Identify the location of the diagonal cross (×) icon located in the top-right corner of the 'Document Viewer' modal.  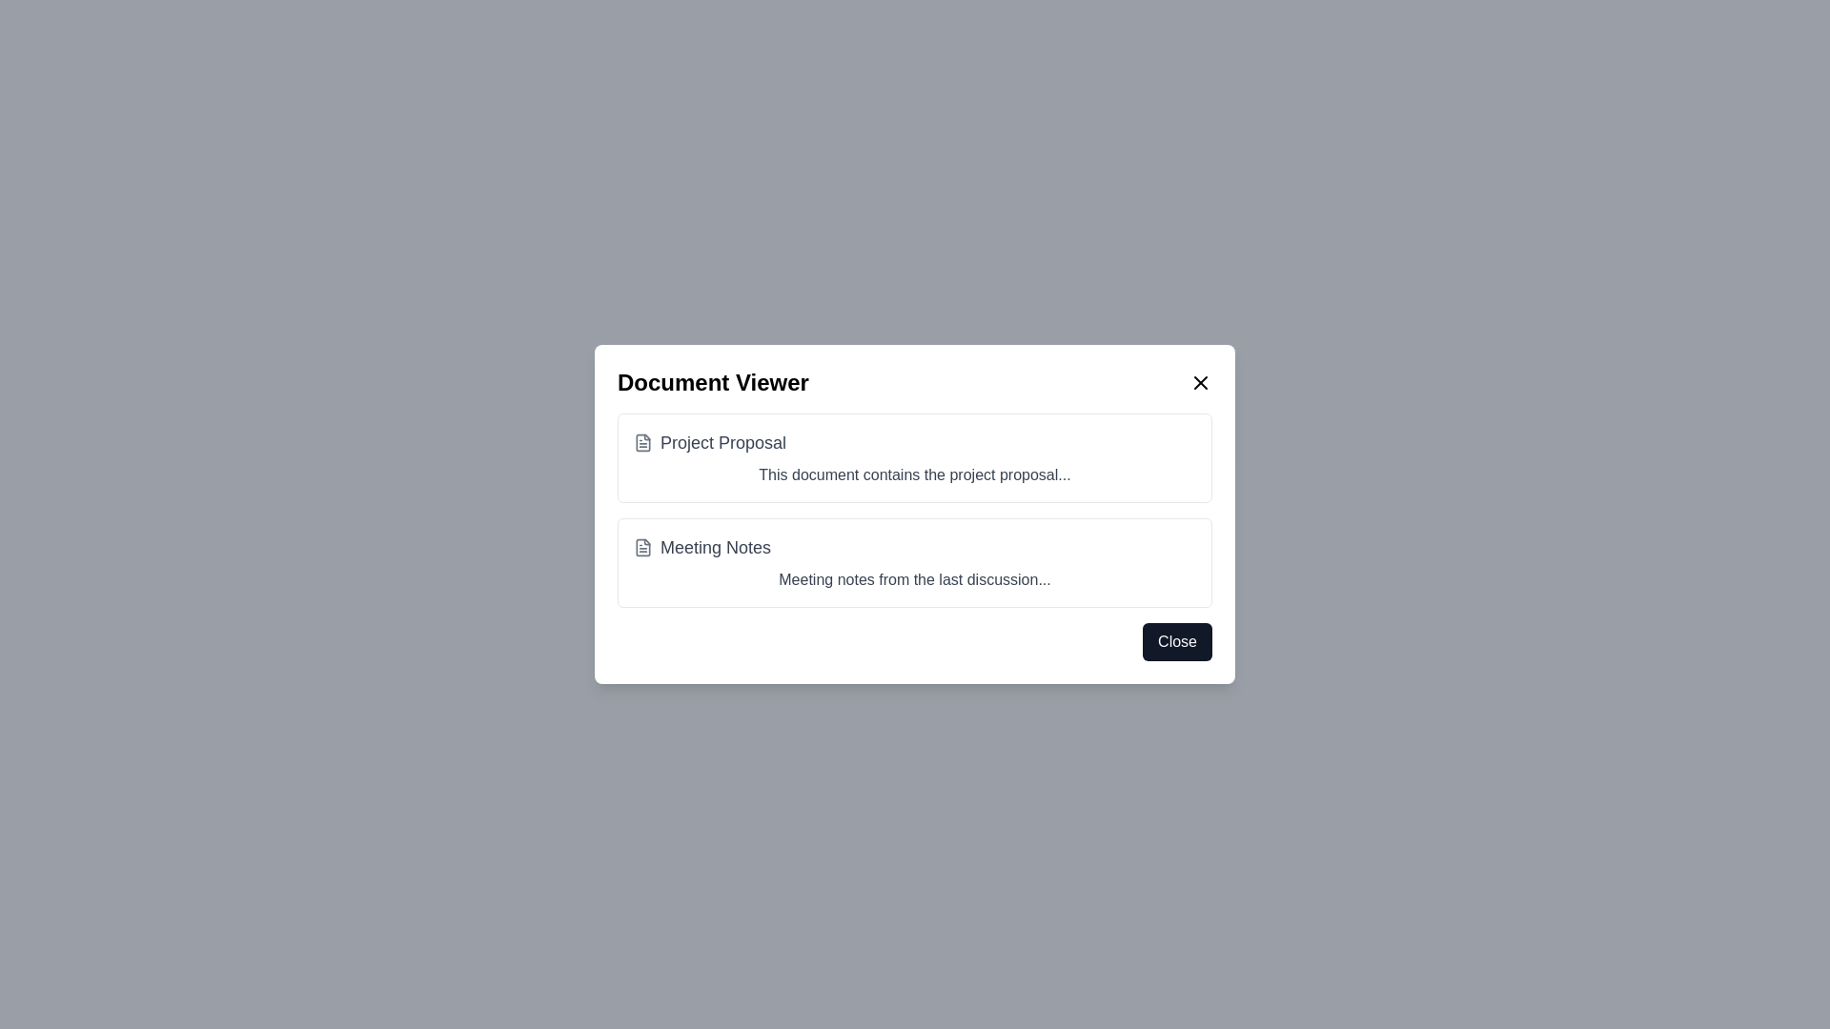
(1199, 382).